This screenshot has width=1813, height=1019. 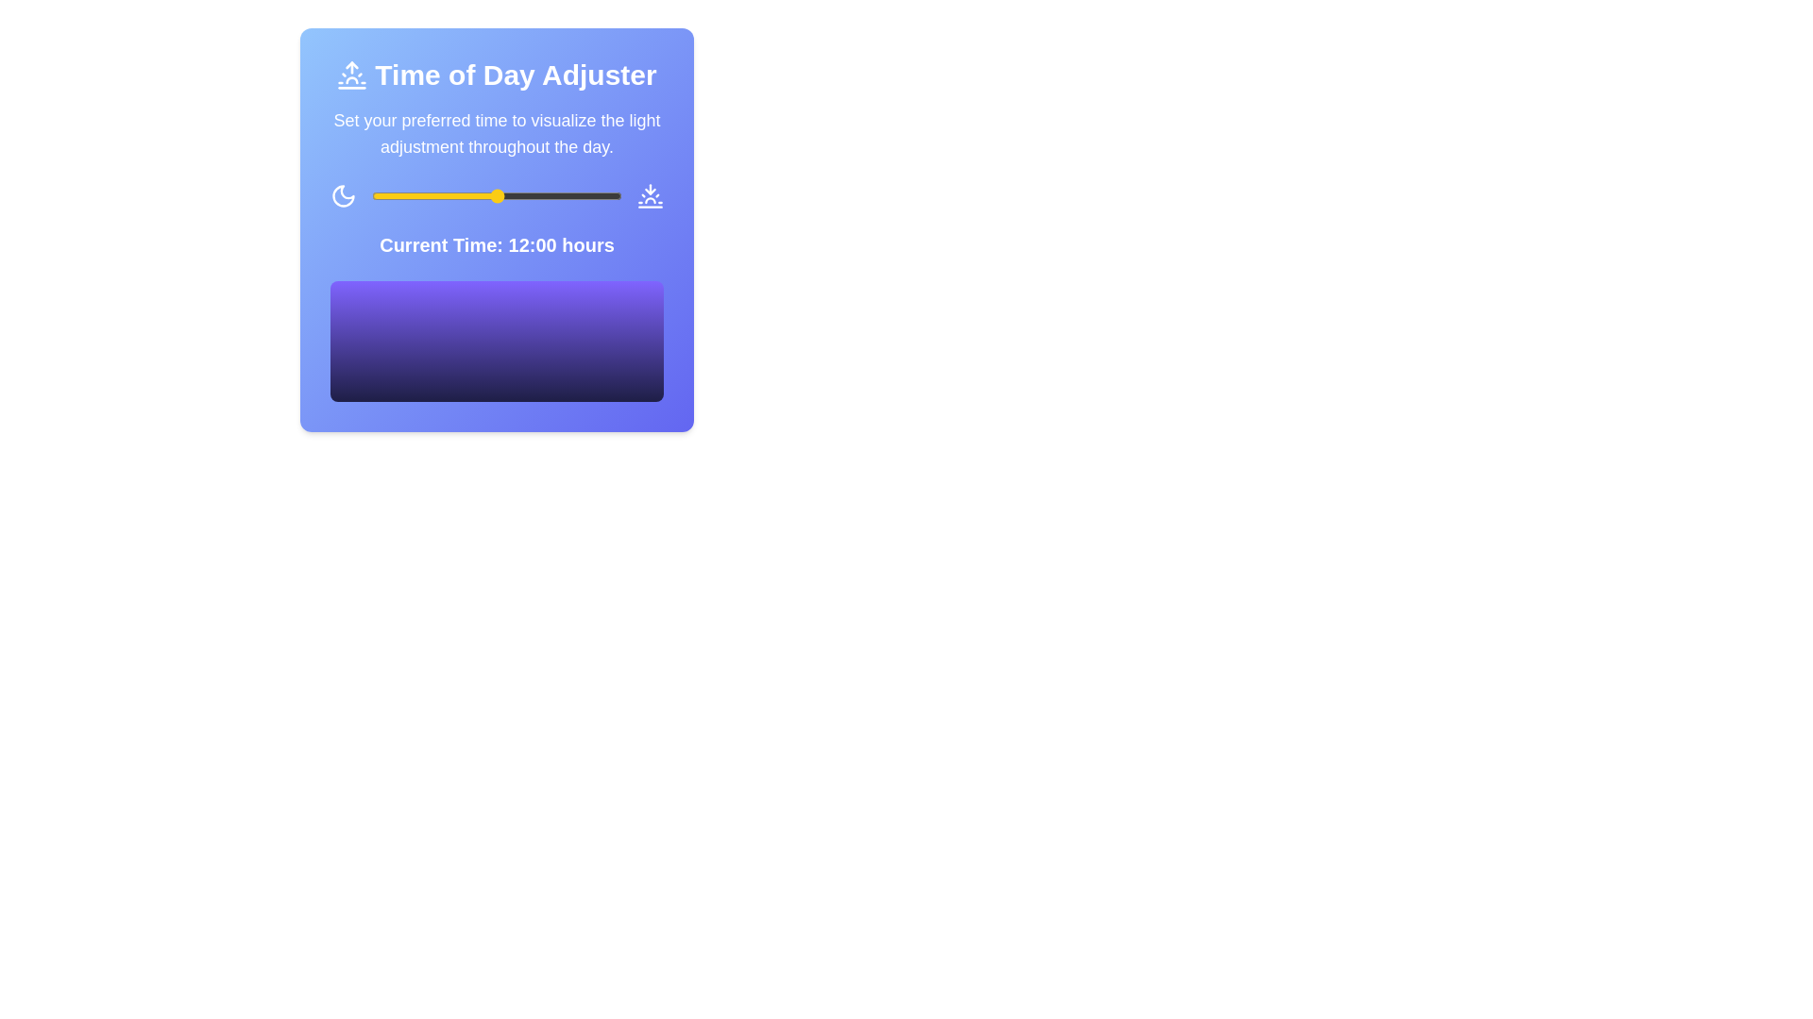 I want to click on the time slider to set the time to 16 hours, so click(x=537, y=196).